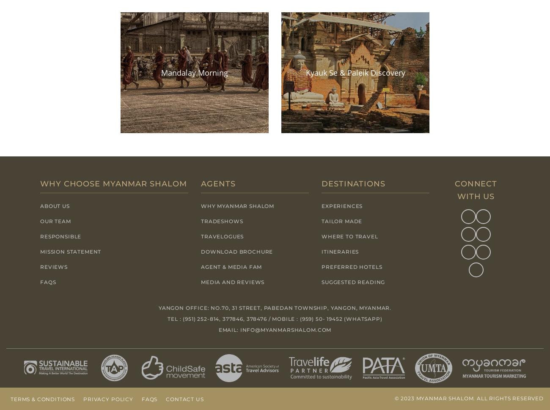 The height and width of the screenshot is (410, 550). I want to click on 'Terms & Conditions', so click(10, 398).